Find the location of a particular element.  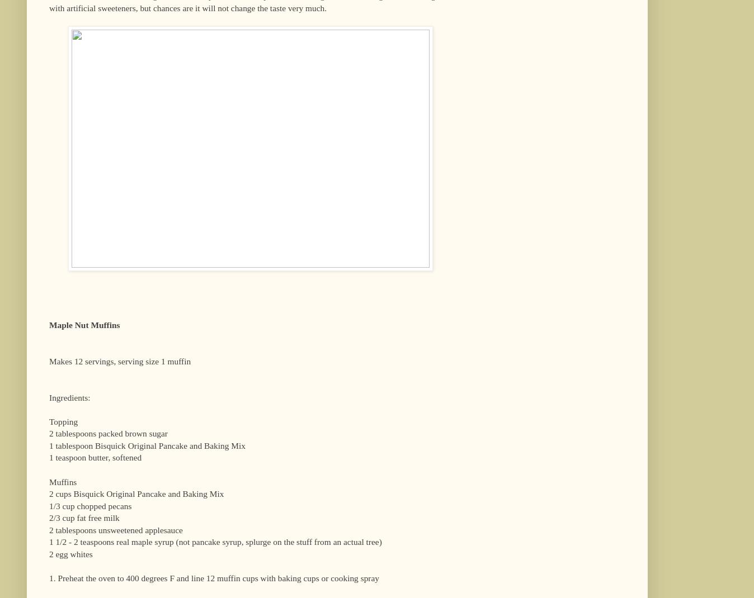

'2 cups Bisquick Original Pancake and Baking Mix' is located at coordinates (136, 493).